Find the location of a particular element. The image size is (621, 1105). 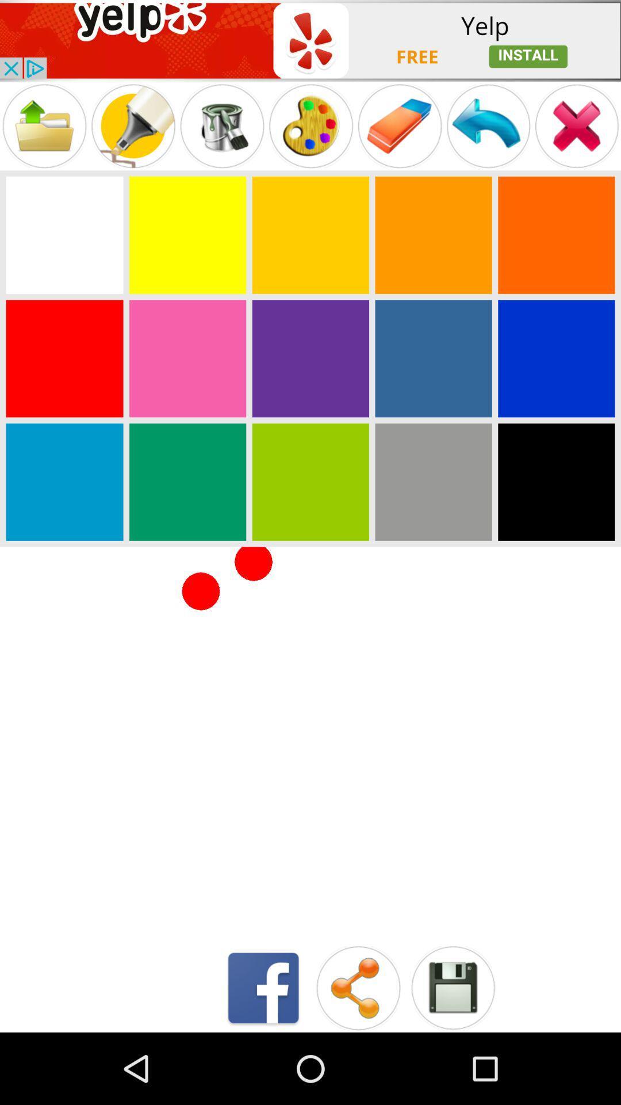

button is located at coordinates (452, 987).